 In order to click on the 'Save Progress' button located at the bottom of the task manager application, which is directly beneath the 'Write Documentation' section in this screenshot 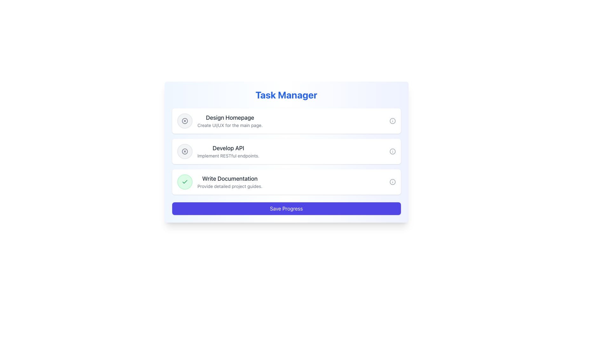, I will do `click(286, 208)`.